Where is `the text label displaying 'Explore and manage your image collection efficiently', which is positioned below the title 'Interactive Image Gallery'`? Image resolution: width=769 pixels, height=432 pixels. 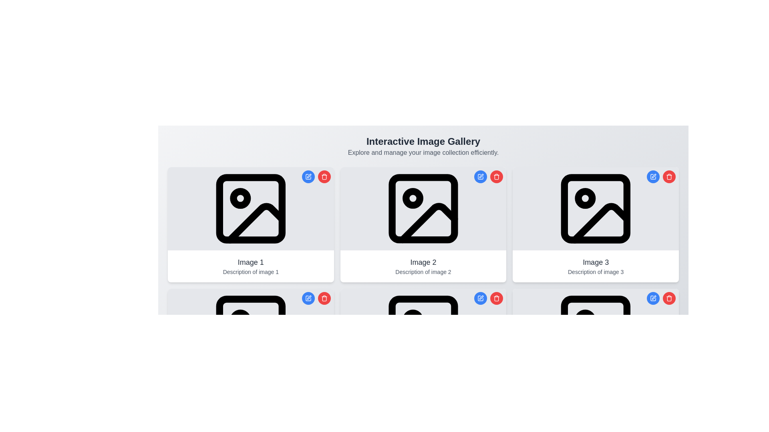
the text label displaying 'Explore and manage your image collection efficiently', which is positioned below the title 'Interactive Image Gallery' is located at coordinates (423, 152).